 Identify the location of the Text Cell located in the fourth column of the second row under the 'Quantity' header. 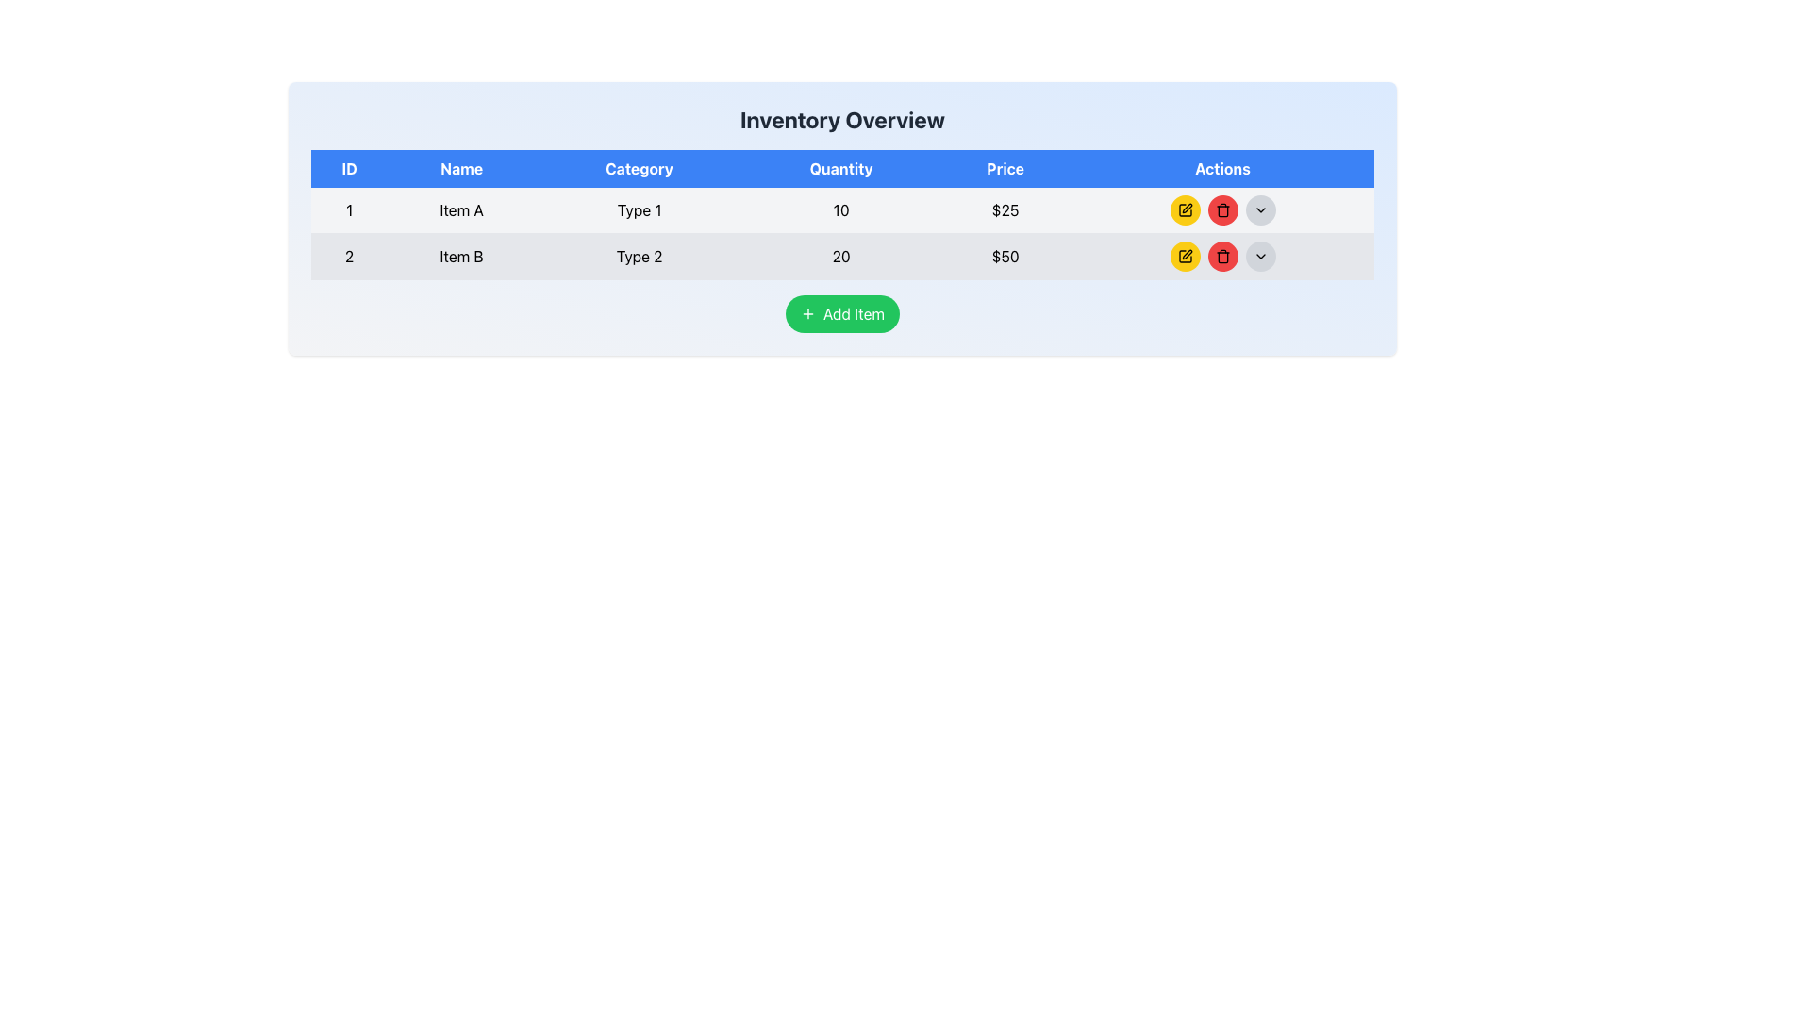
(840, 257).